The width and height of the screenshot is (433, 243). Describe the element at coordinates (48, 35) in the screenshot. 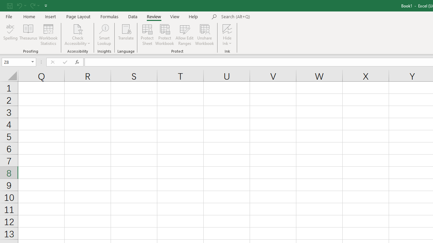

I see `'Workbook Statistics'` at that location.